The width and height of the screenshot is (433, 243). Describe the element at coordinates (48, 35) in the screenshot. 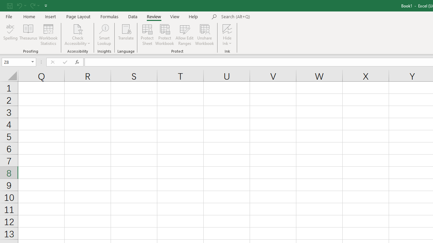

I see `'Workbook Statistics'` at that location.